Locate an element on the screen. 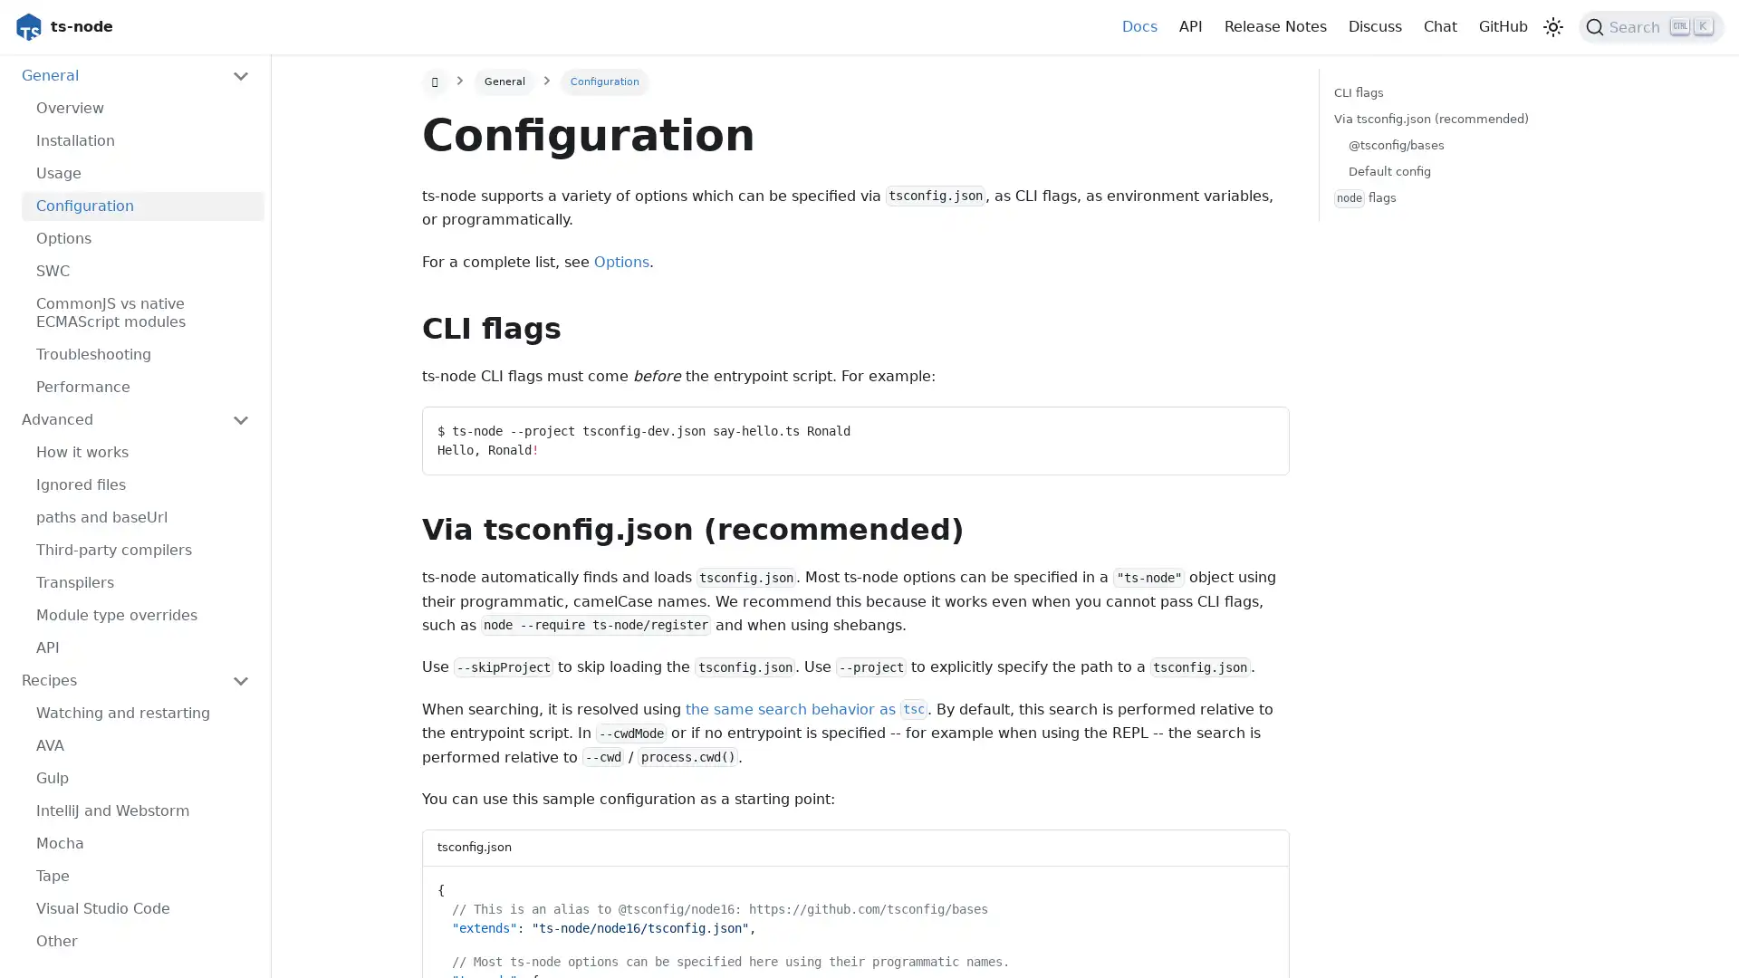 The width and height of the screenshot is (1739, 978). Copy code to clipboard is located at coordinates (1258, 427).